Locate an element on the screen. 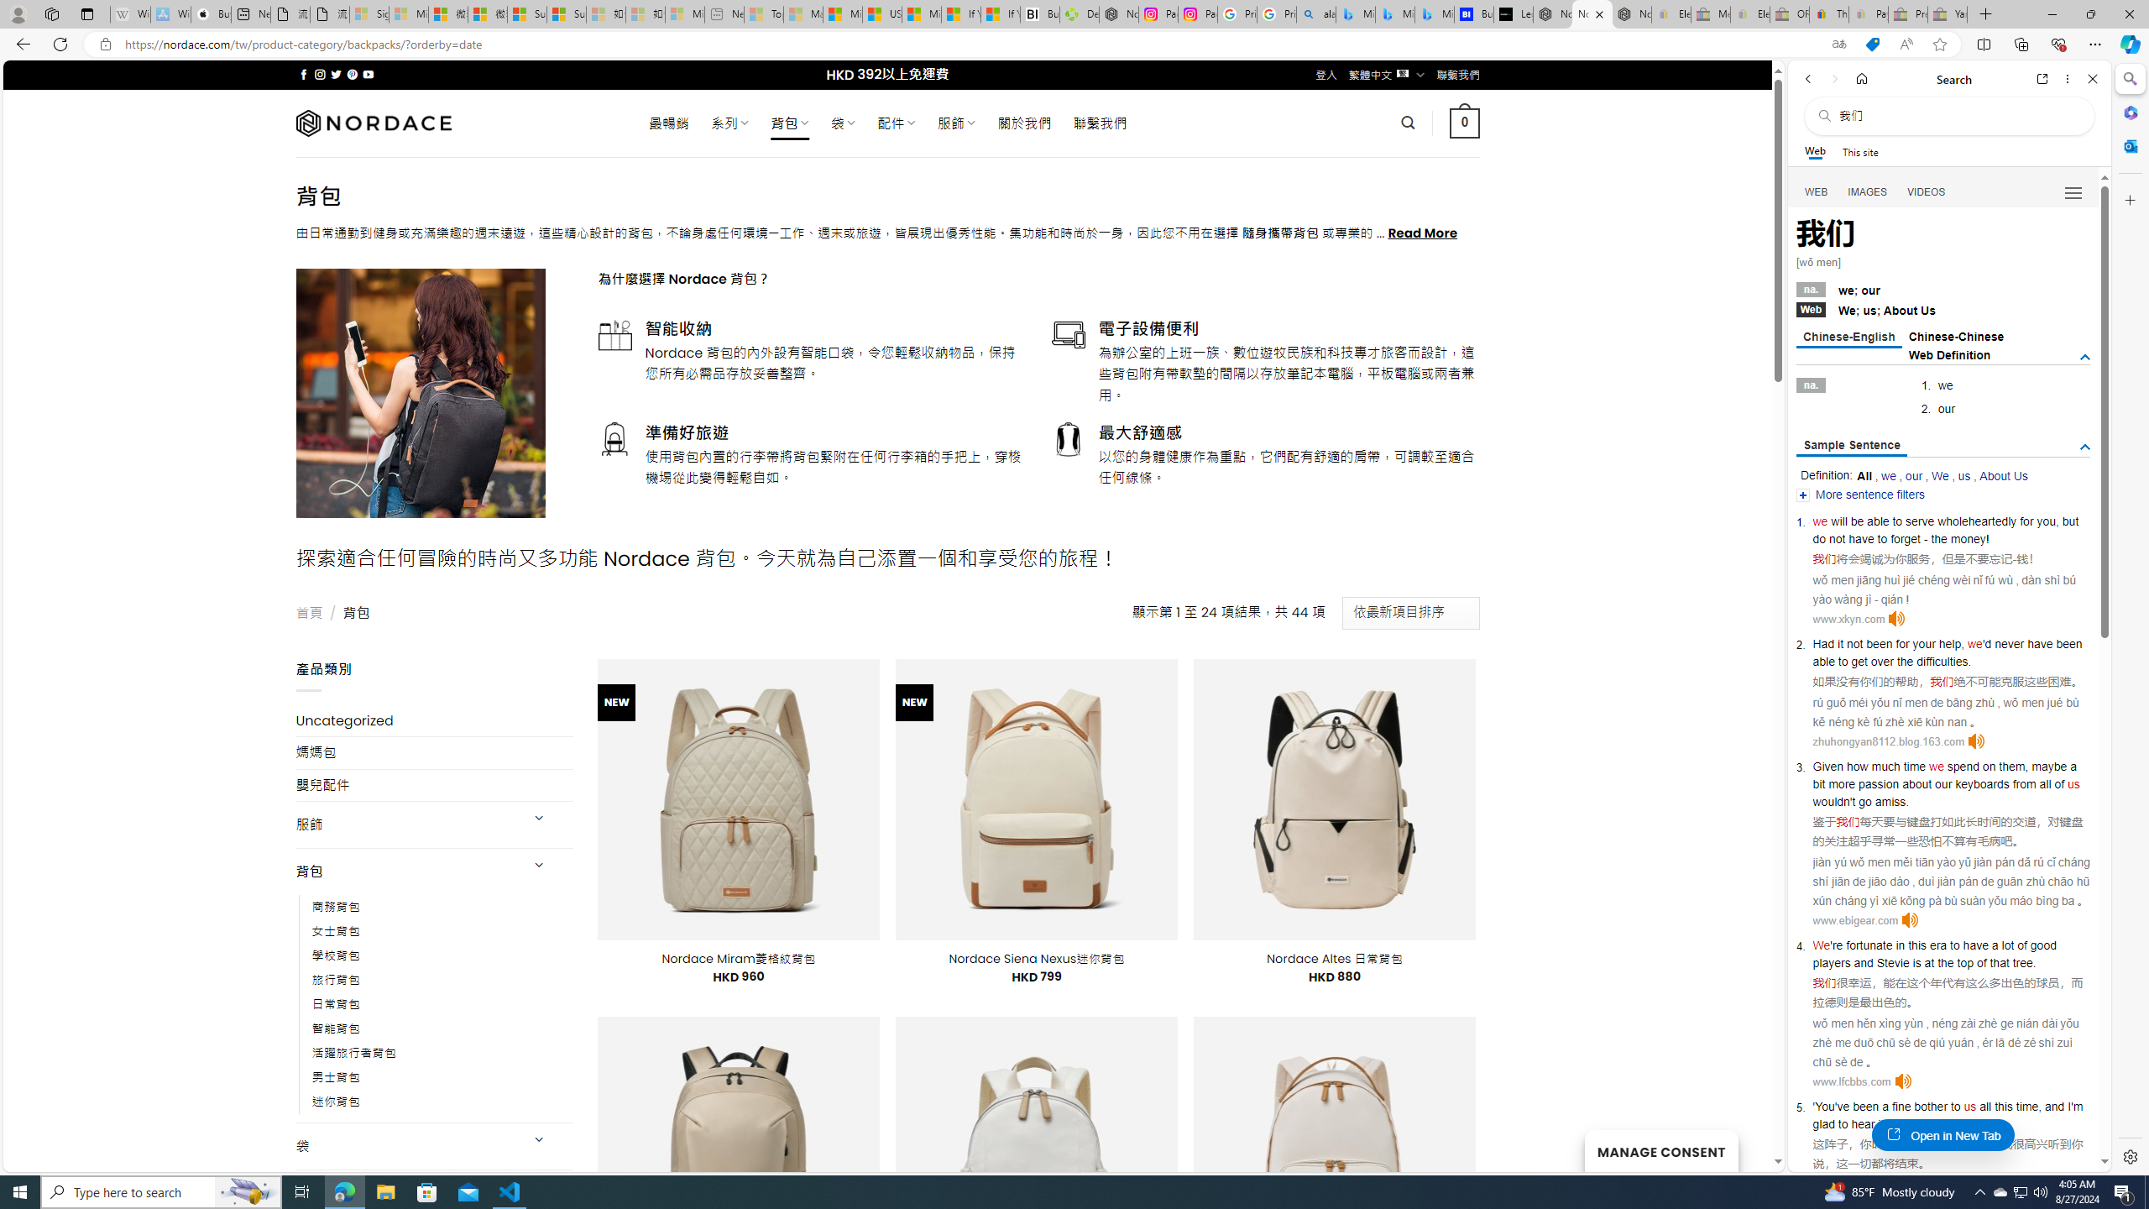 The height and width of the screenshot is (1209, 2149). 'have' is located at coordinates (1974, 945).